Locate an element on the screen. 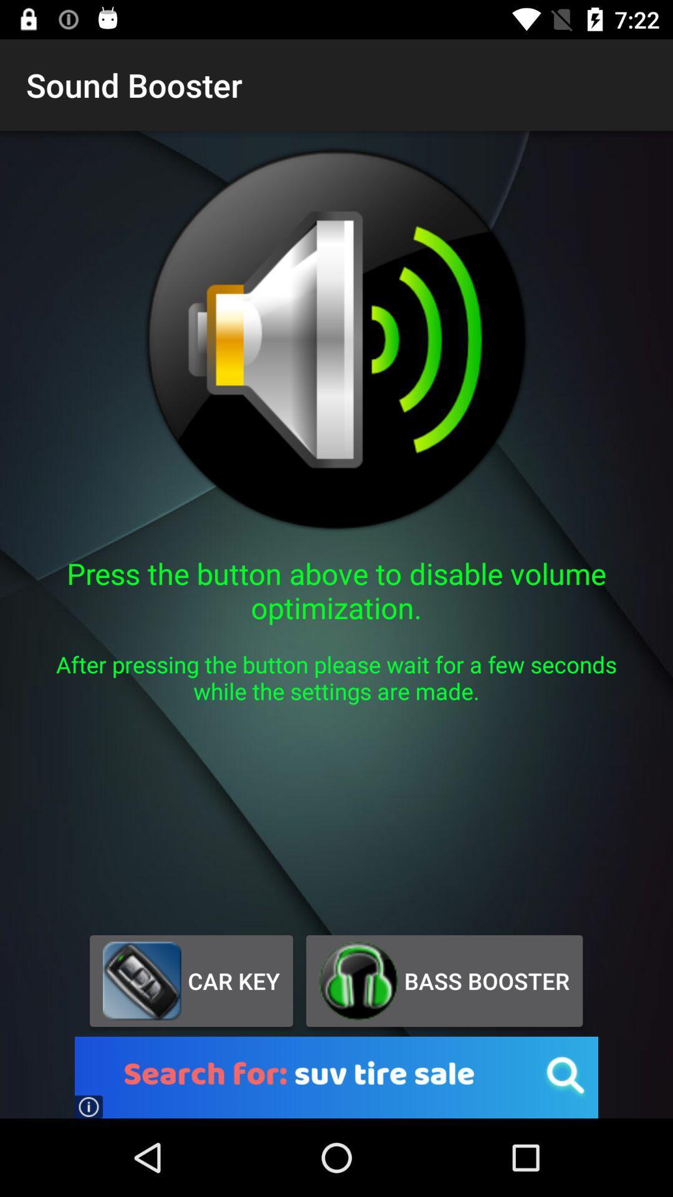 The image size is (673, 1197). app below after pressing the app is located at coordinates (444, 980).